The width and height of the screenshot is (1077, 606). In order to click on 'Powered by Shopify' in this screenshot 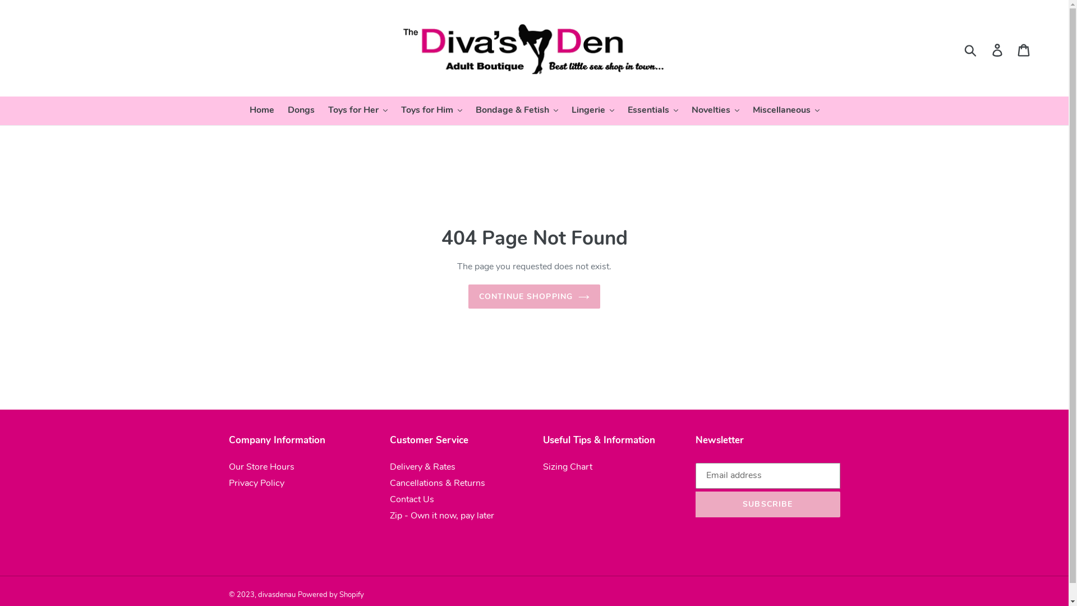, I will do `click(330, 594)`.